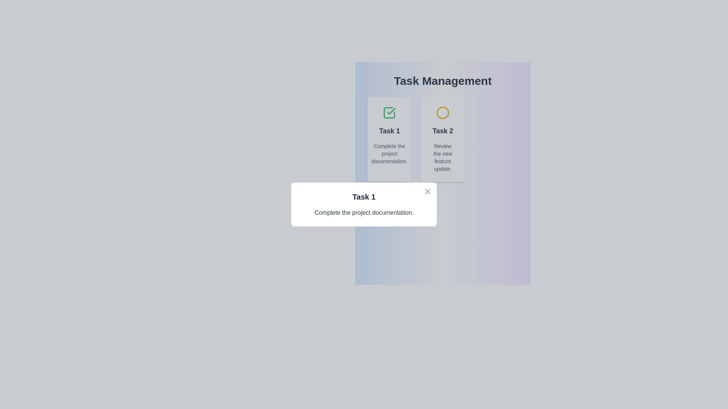 The image size is (728, 409). Describe the element at coordinates (389, 131) in the screenshot. I see `the text label that serves as the title for the task within the leftmost card under the 'Task Management' section, positioned beneath a green checkmark icon and above the description 'Complete the project documentation.'` at that location.